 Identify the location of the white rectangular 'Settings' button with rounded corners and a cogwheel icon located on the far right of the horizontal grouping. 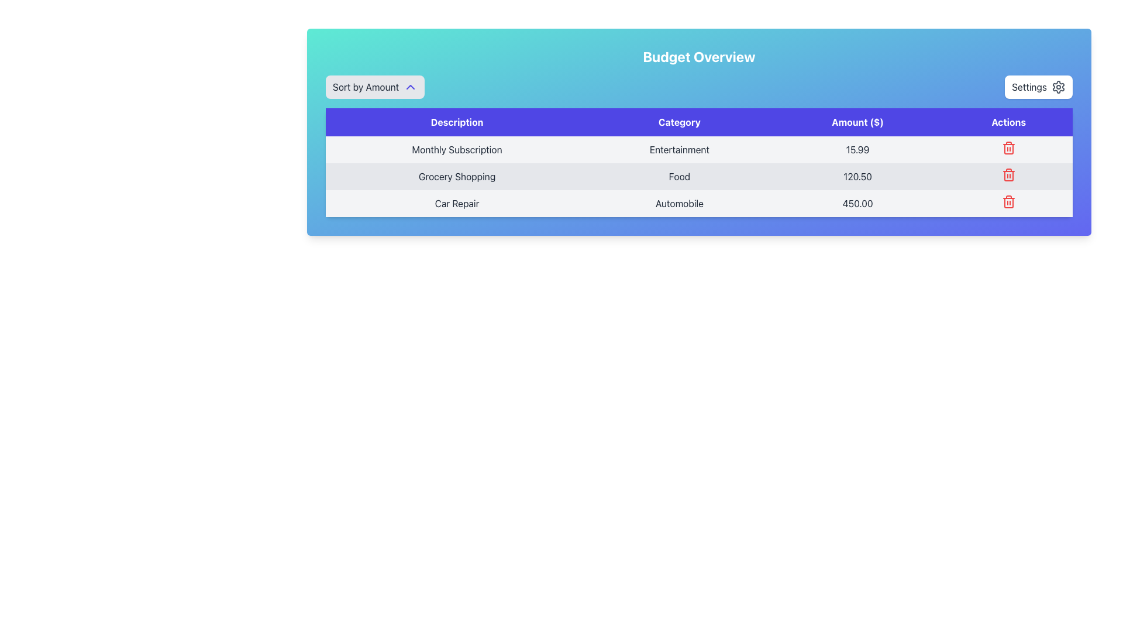
(1039, 87).